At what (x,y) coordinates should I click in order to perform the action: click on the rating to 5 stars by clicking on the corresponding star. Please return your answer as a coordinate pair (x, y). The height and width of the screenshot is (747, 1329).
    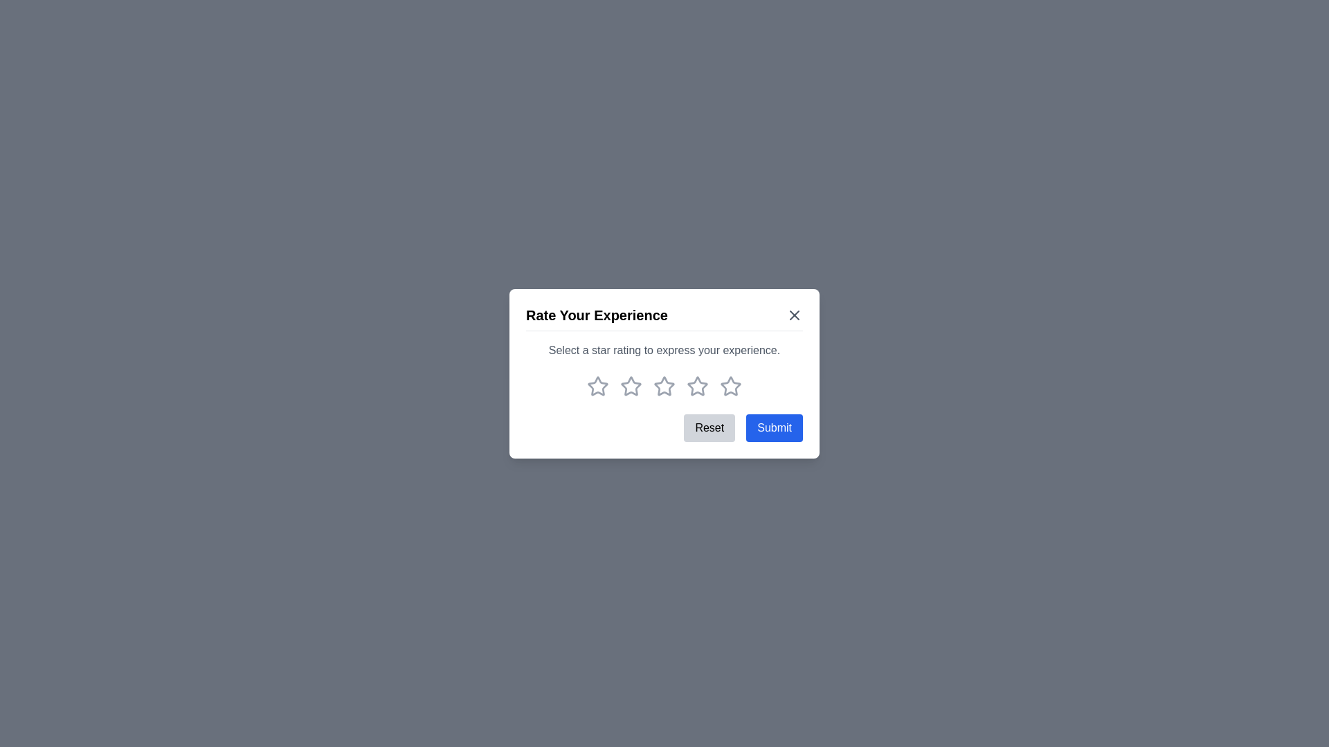
    Looking at the image, I should click on (730, 386).